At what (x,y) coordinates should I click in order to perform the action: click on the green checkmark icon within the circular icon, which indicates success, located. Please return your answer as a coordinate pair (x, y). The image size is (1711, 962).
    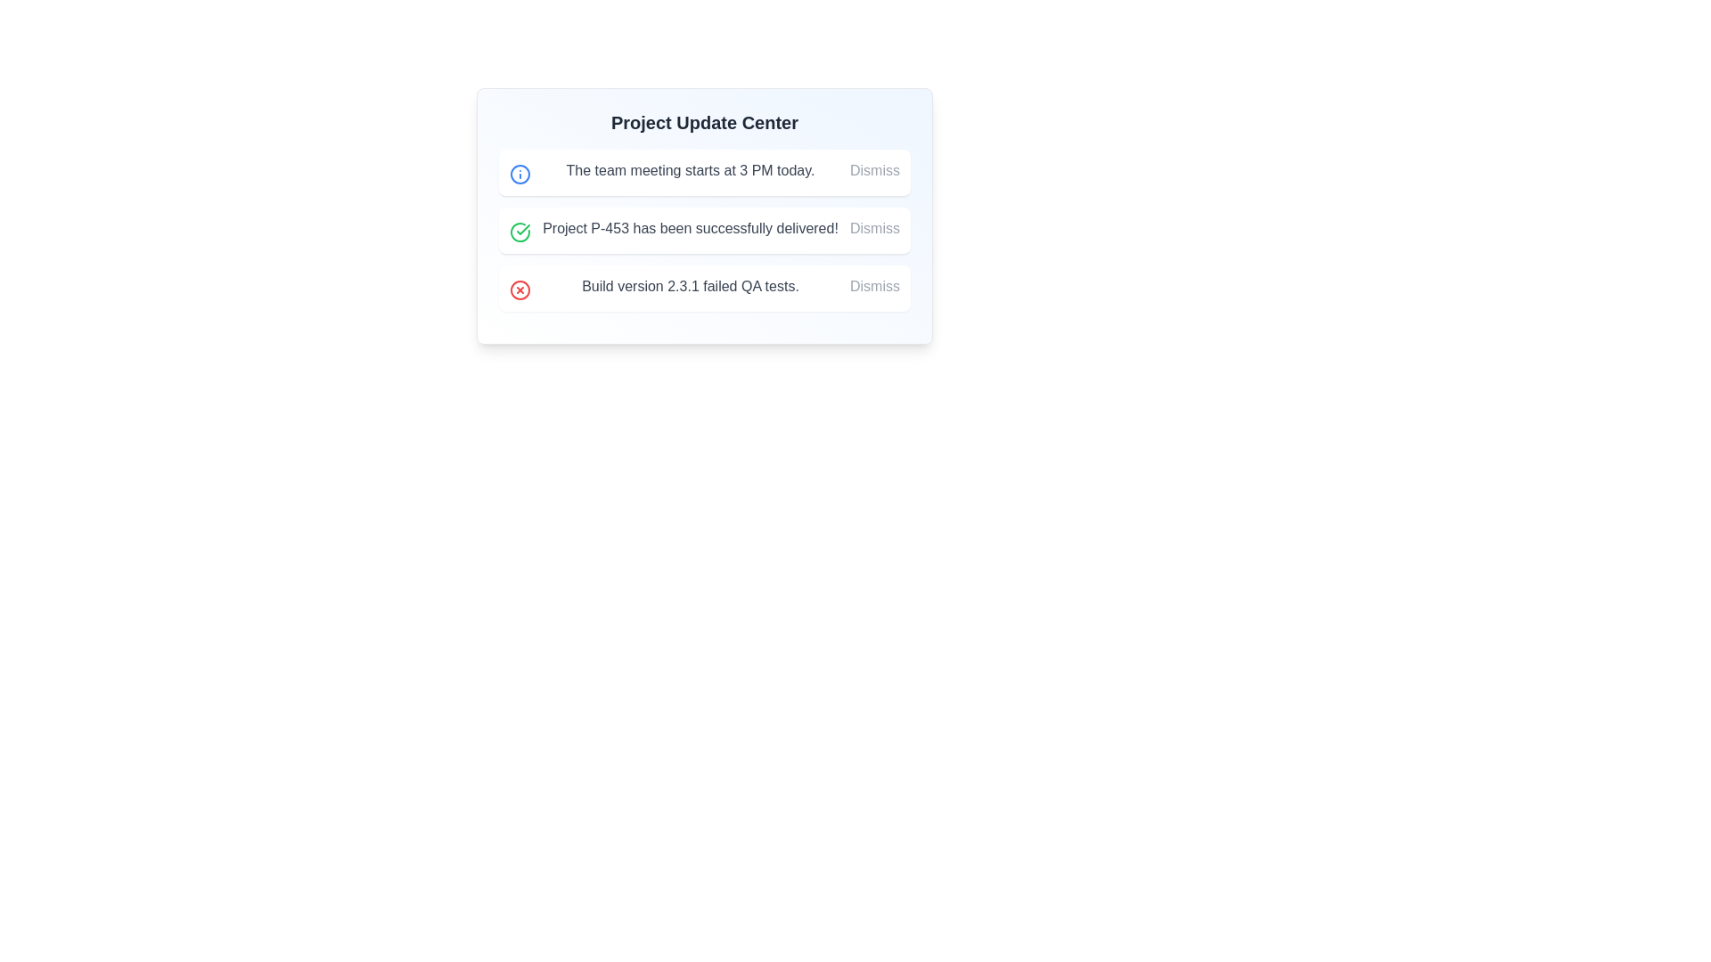
    Looking at the image, I should click on (522, 229).